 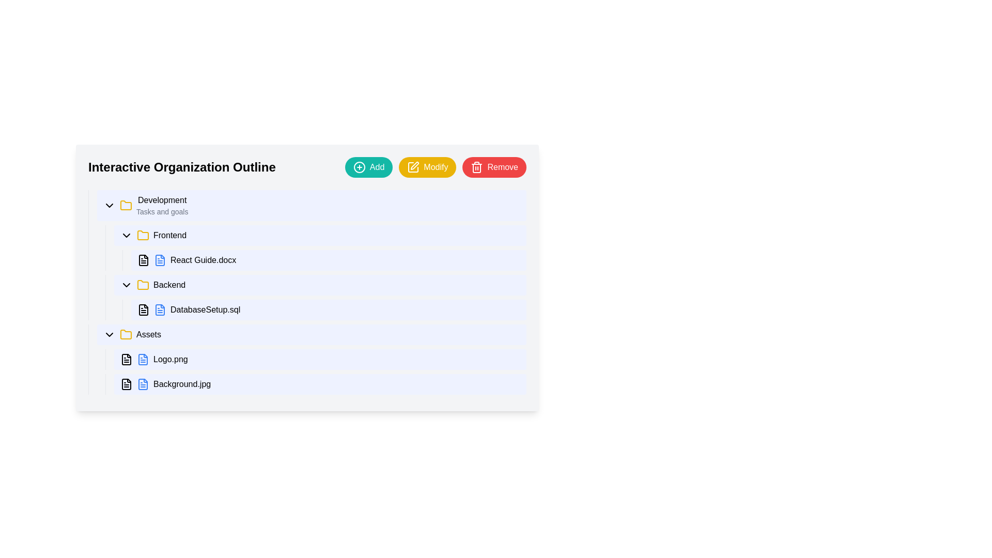 I want to click on the small black file document icon next to the text 'Background.jpg' in the Assets section, so click(x=126, y=384).